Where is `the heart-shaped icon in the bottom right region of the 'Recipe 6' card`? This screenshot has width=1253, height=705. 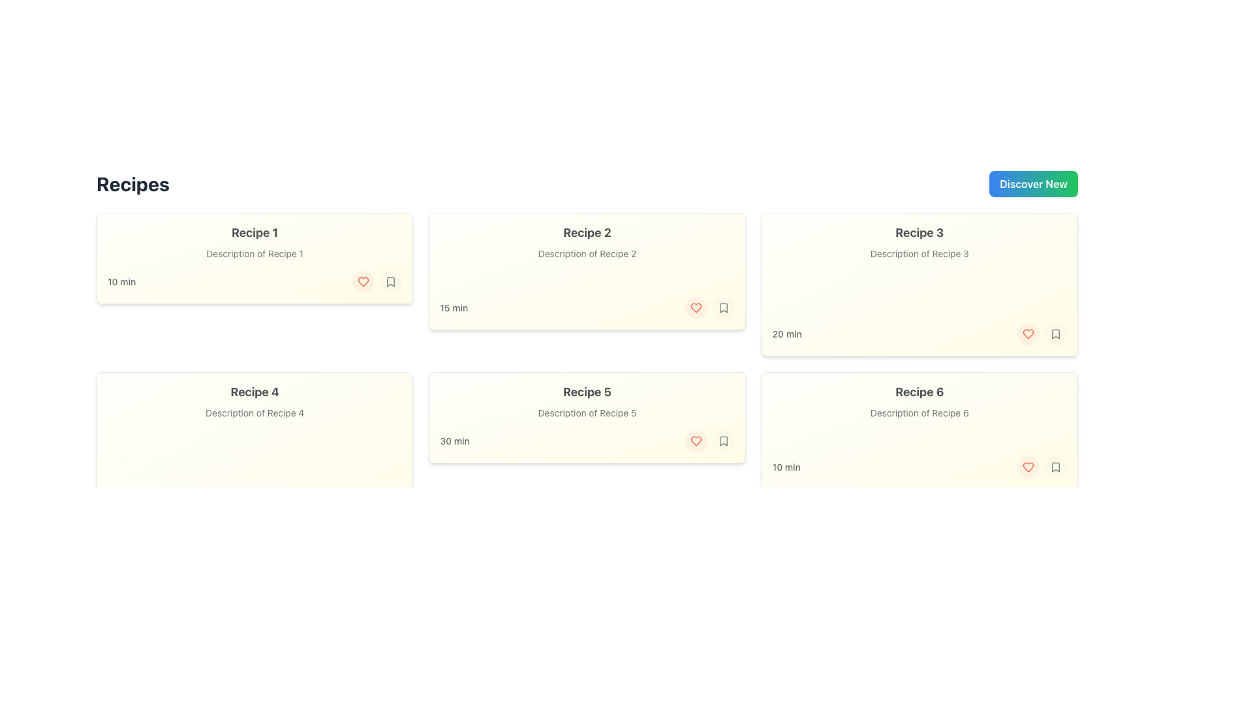
the heart-shaped icon in the bottom right region of the 'Recipe 6' card is located at coordinates (1027, 334).